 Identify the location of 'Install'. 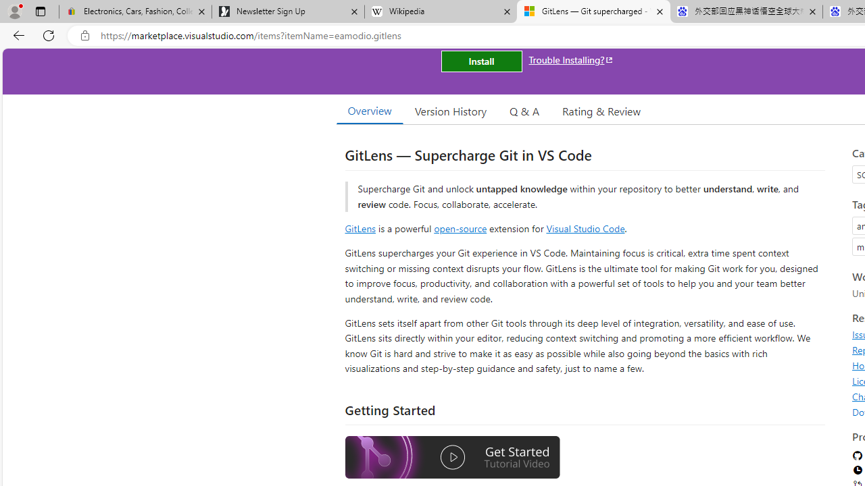
(481, 61).